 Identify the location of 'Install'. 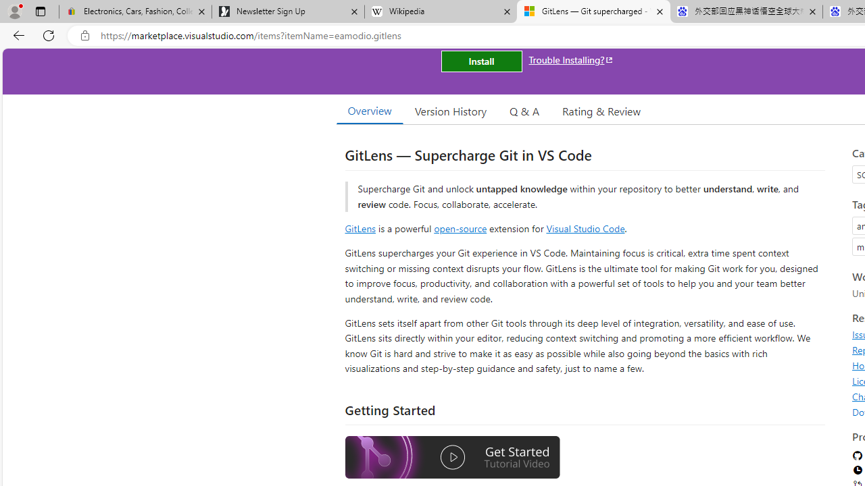
(481, 61).